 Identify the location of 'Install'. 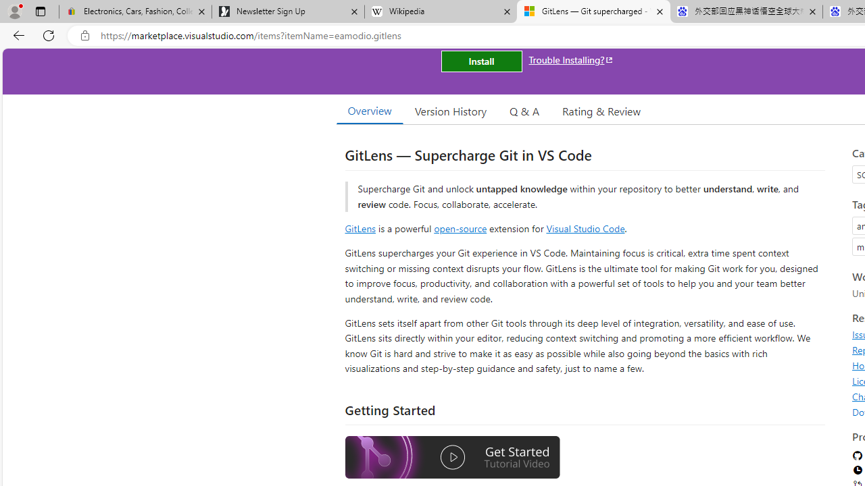
(481, 61).